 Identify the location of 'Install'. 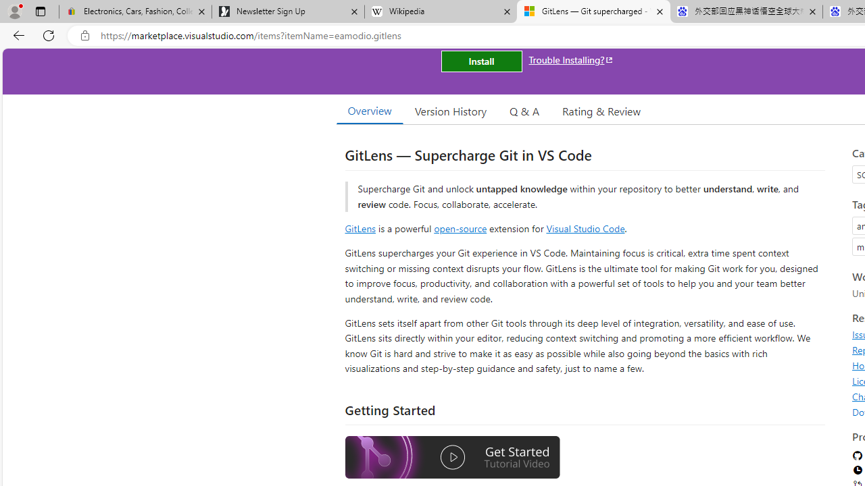
(481, 61).